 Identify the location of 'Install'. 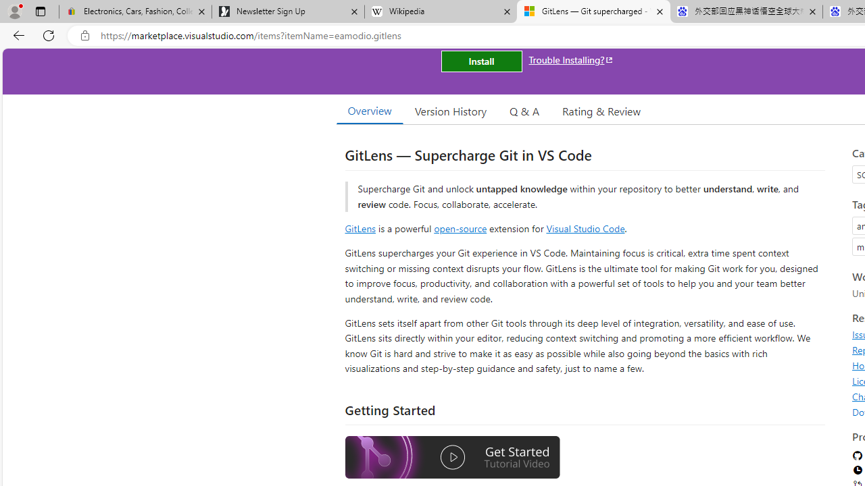
(481, 61).